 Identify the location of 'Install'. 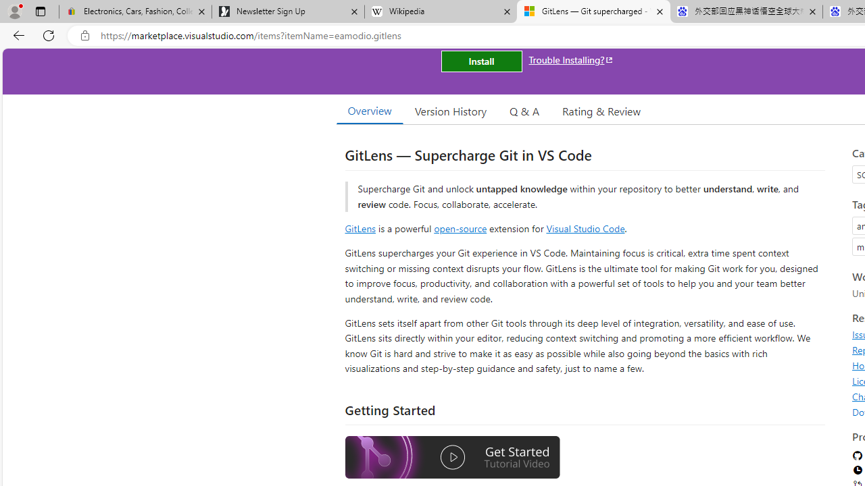
(481, 61).